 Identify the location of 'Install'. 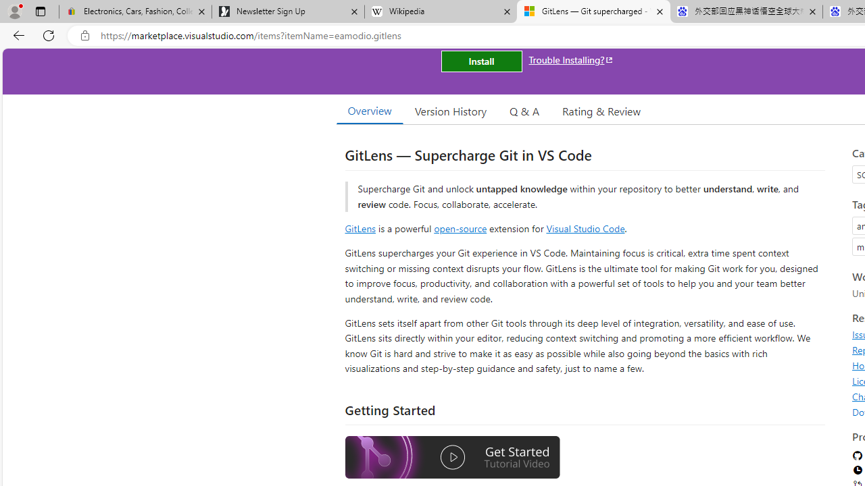
(481, 61).